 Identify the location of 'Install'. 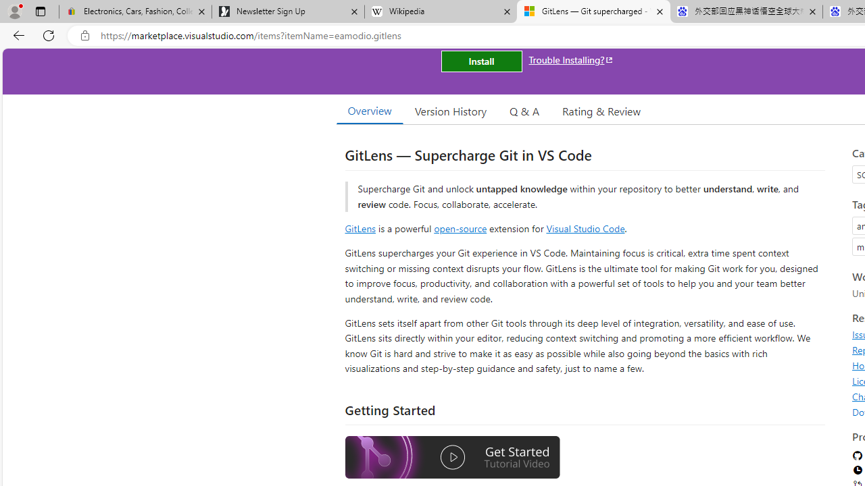
(481, 61).